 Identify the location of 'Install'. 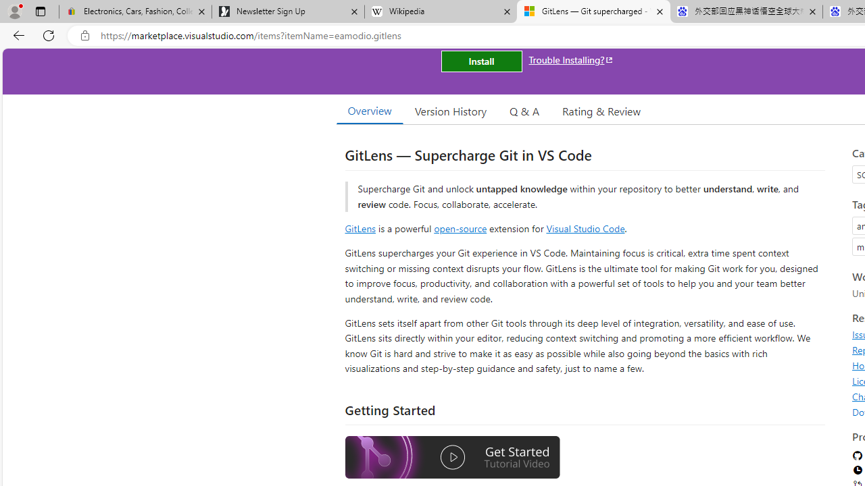
(481, 61).